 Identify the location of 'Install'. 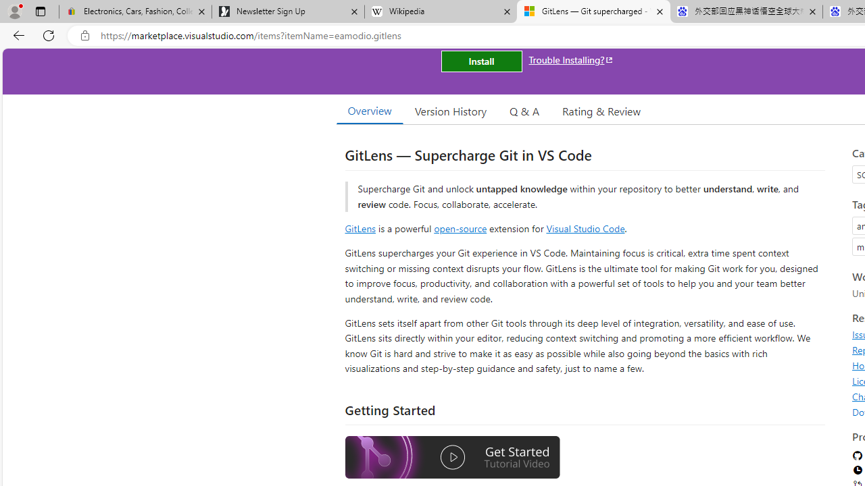
(481, 61).